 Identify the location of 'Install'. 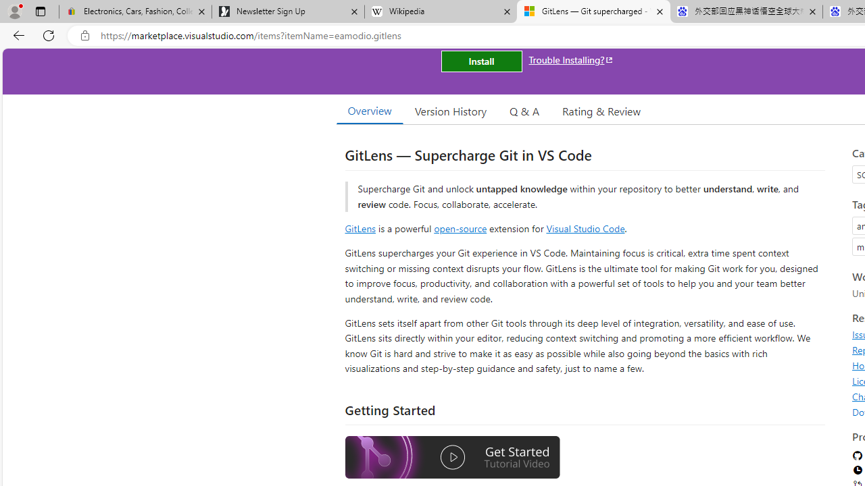
(481, 61).